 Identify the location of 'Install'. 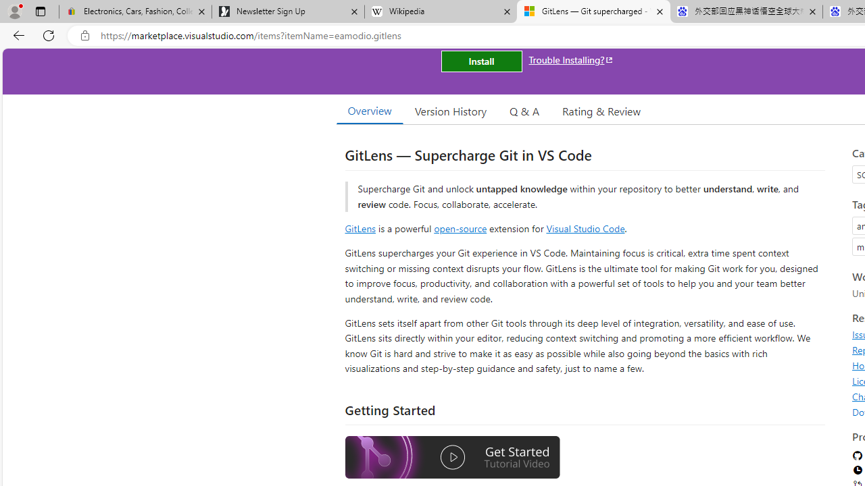
(481, 61).